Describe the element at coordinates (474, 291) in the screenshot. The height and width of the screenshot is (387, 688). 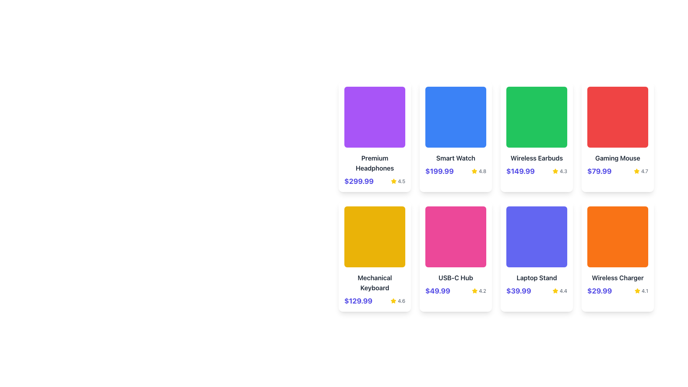
I see `the yellow filled star icon representing a rating system for the USB-C Hub, located in the second row, second column of the card grid layout` at that location.